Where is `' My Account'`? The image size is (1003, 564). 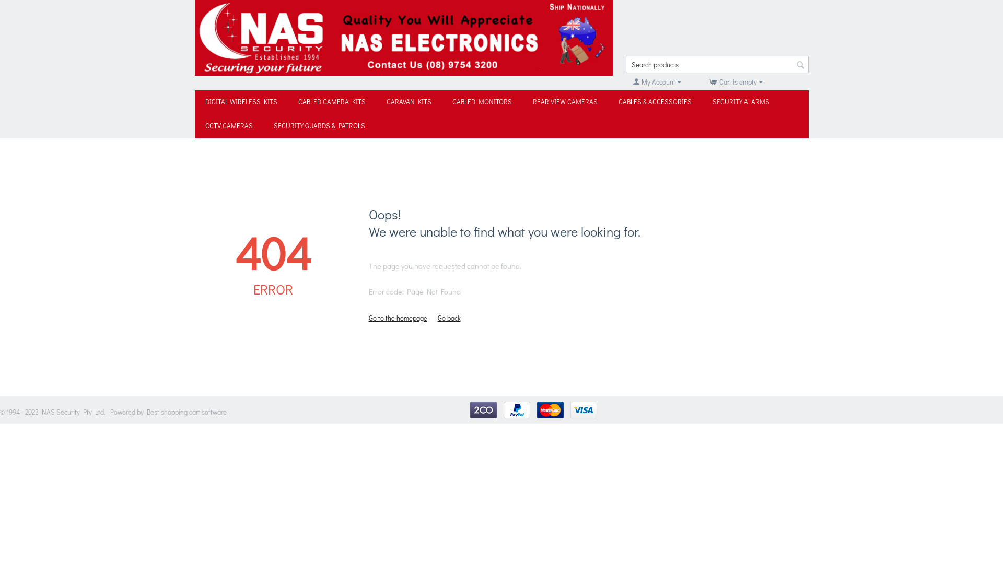
' My Account' is located at coordinates (656, 81).